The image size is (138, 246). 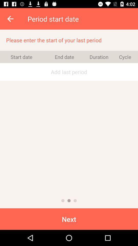 What do you see at coordinates (75, 201) in the screenshot?
I see `third page` at bounding box center [75, 201].